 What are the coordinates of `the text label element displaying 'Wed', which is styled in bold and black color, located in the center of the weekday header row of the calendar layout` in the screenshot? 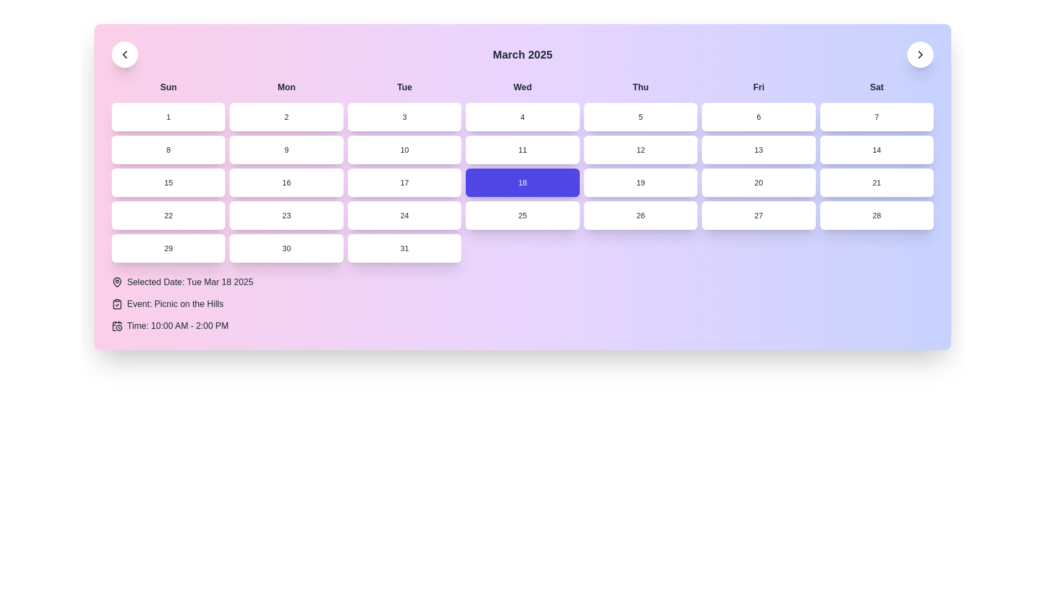 It's located at (522, 86).